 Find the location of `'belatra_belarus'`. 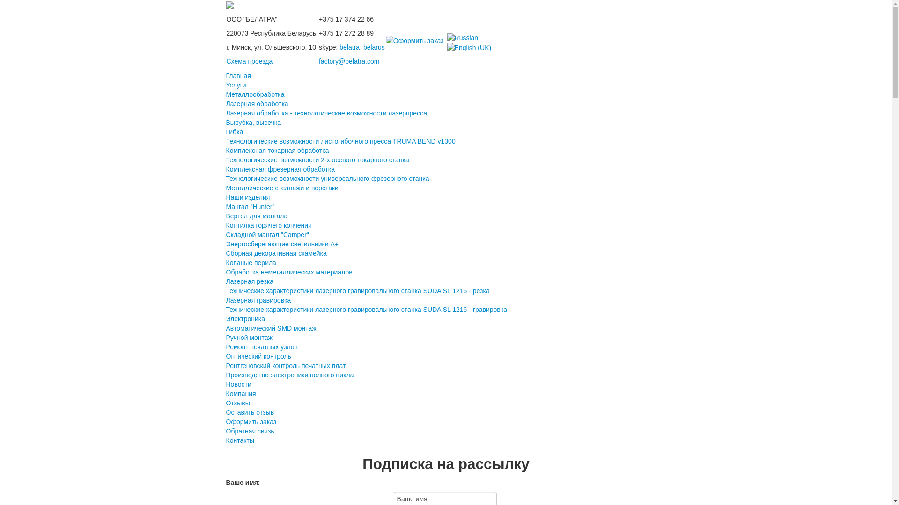

'belatra_belarus' is located at coordinates (361, 47).